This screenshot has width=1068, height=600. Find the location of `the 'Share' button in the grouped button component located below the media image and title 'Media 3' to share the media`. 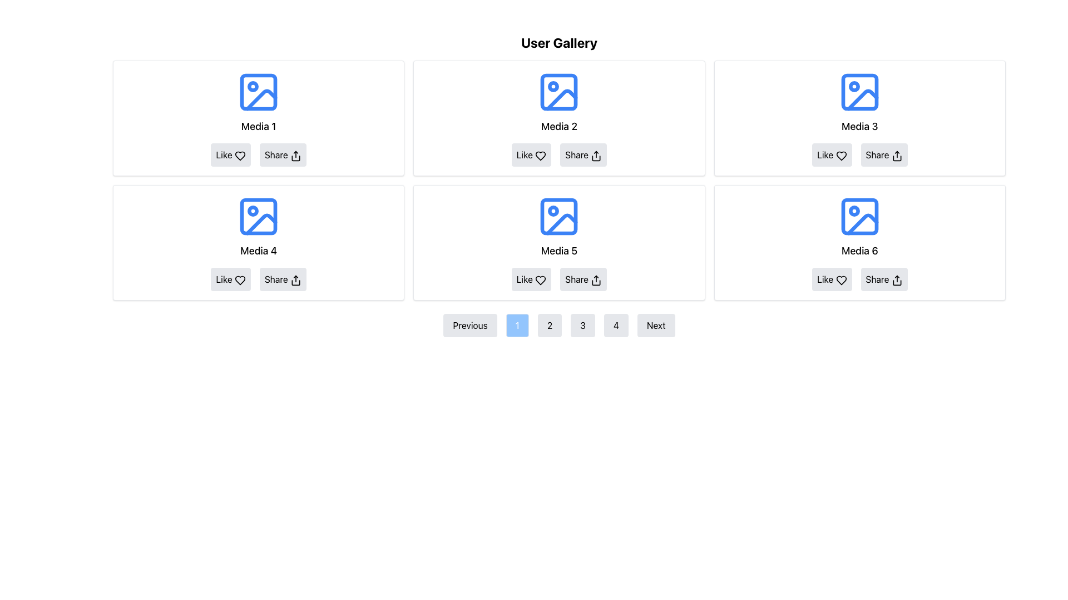

the 'Share' button in the grouped button component located below the media image and title 'Media 3' to share the media is located at coordinates (859, 154).